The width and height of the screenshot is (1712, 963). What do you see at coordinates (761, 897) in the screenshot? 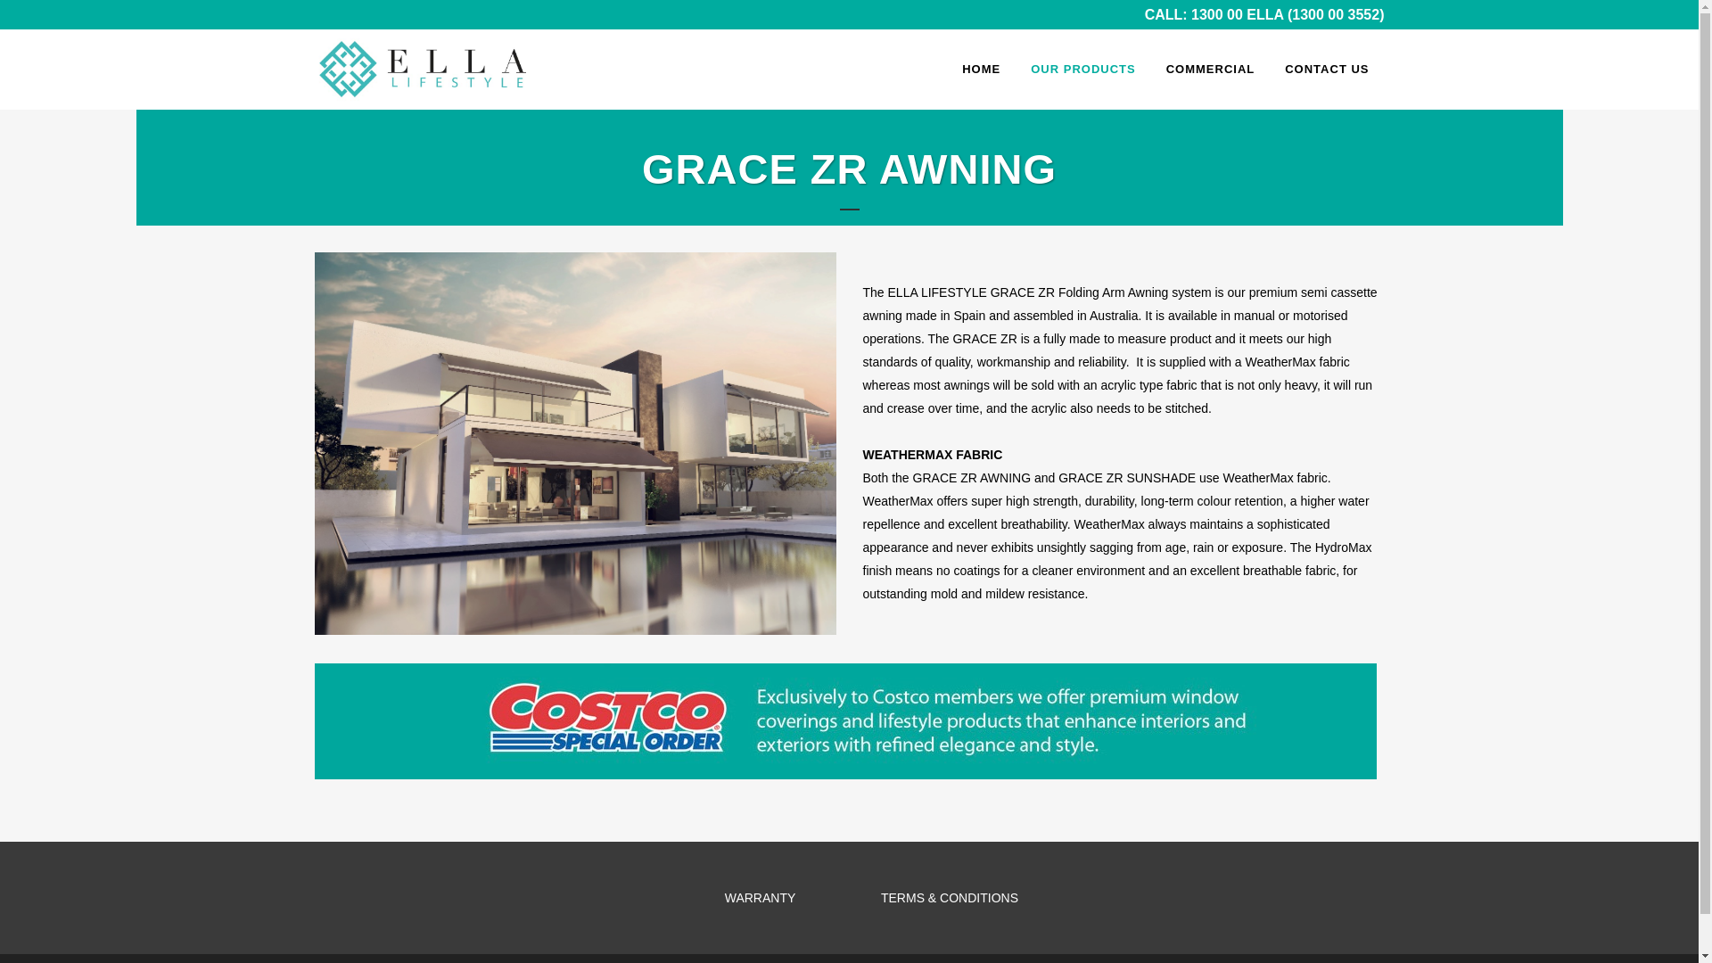
I see `'WARRANTY'` at bounding box center [761, 897].